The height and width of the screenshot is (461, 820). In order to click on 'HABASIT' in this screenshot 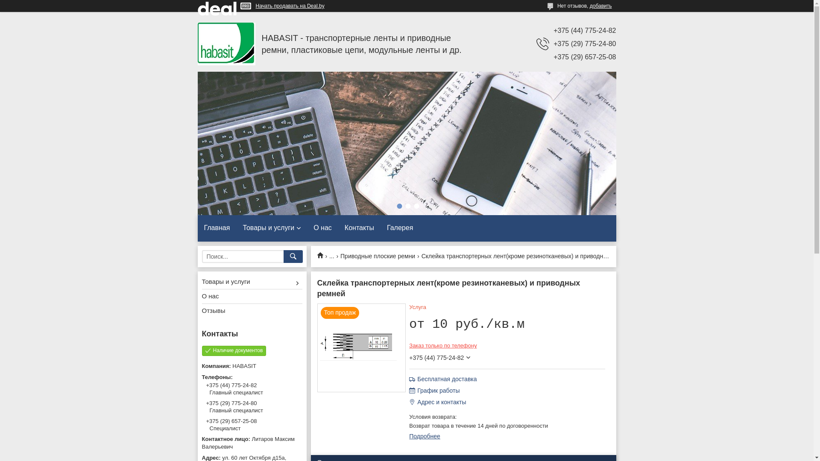, I will do `click(226, 44)`.